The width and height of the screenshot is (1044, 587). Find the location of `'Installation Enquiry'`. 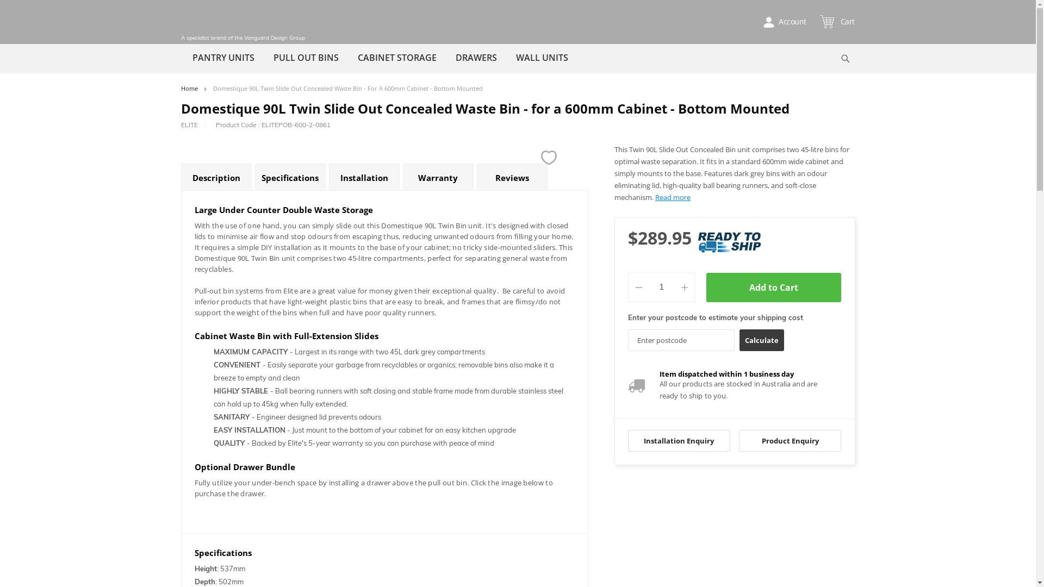

'Installation Enquiry' is located at coordinates (678, 440).